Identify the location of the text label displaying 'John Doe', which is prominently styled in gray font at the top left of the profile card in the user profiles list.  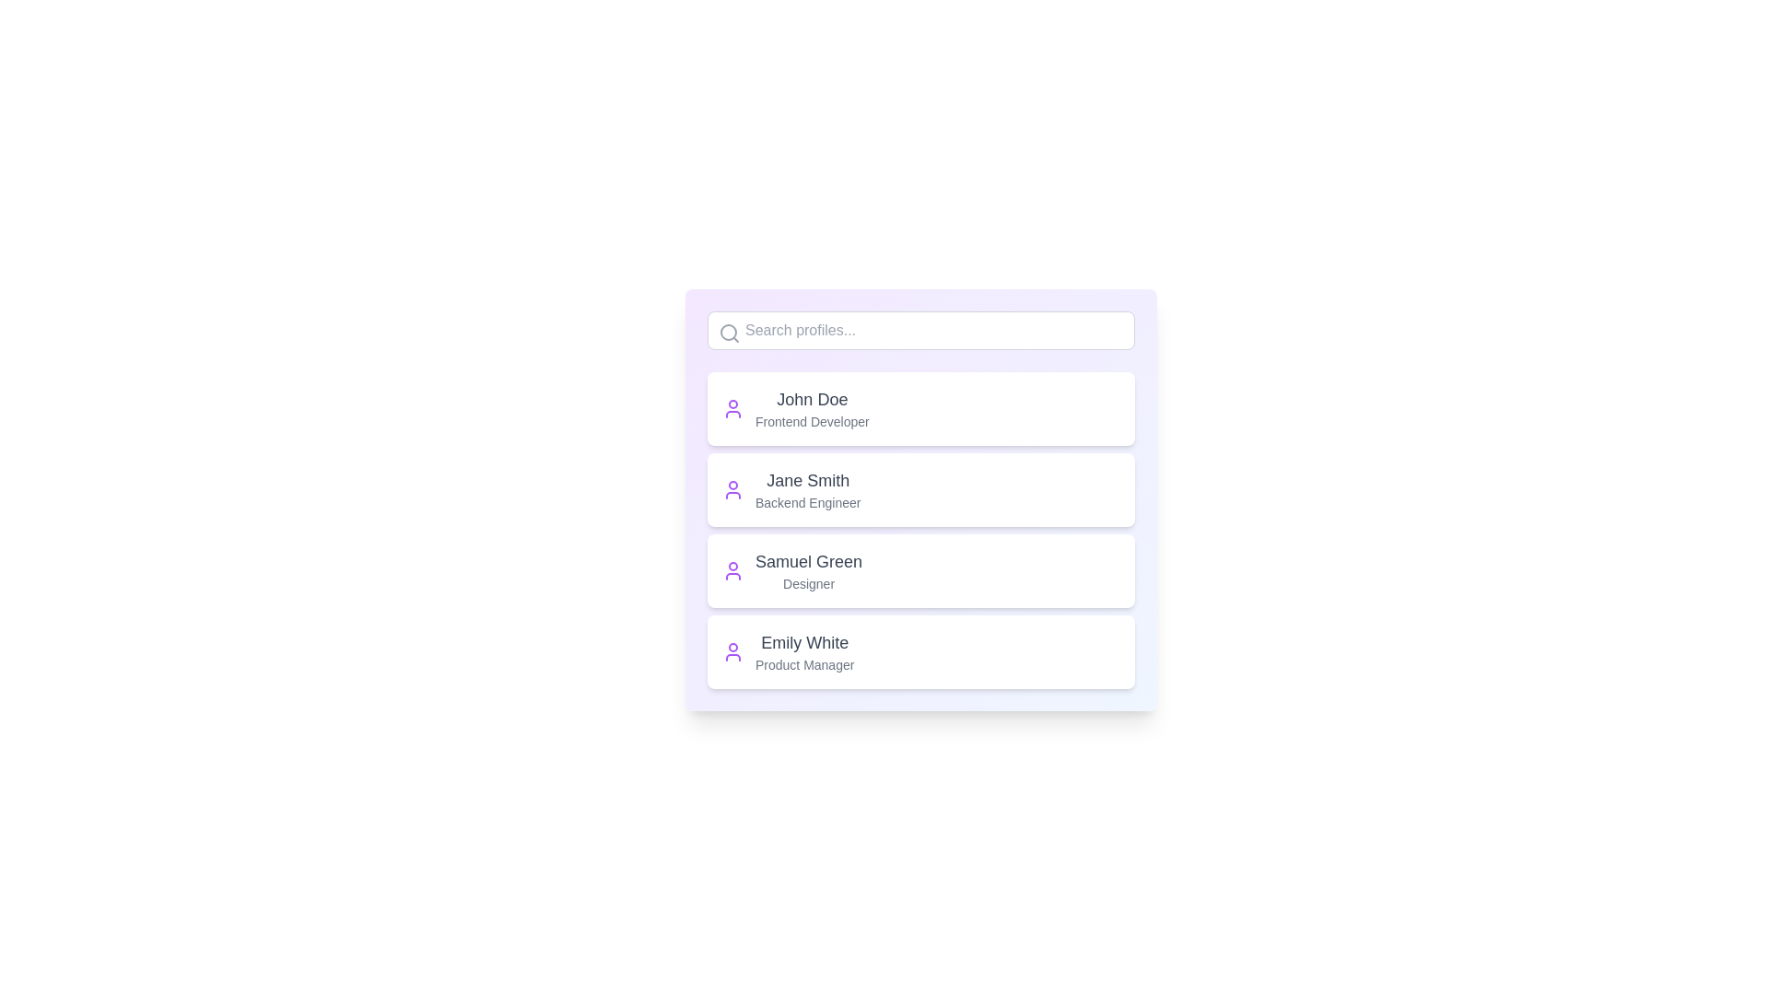
(811, 399).